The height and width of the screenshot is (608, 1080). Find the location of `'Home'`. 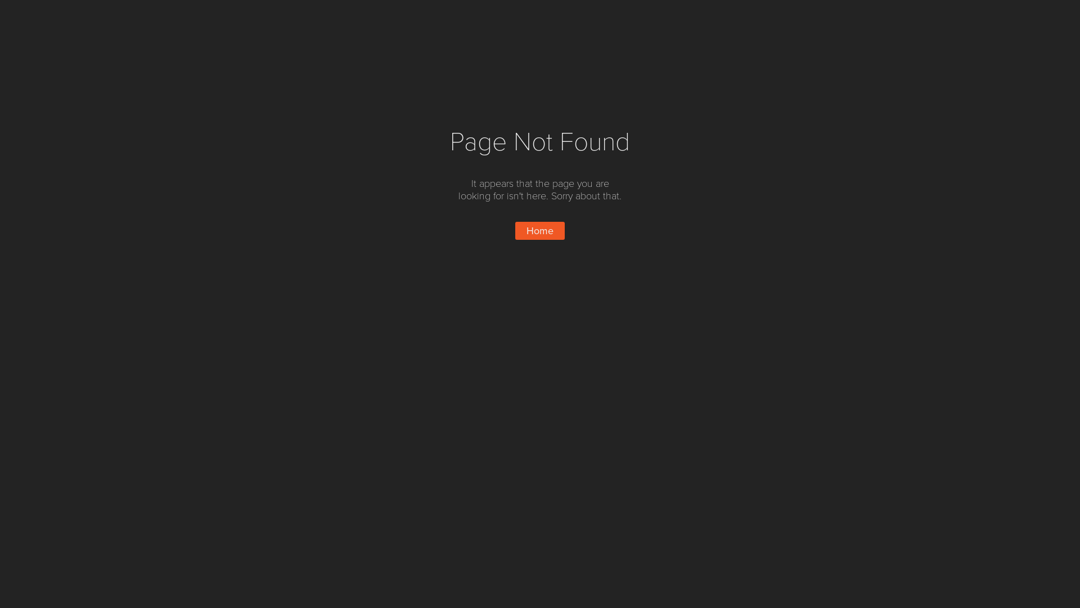

'Home' is located at coordinates (540, 230).